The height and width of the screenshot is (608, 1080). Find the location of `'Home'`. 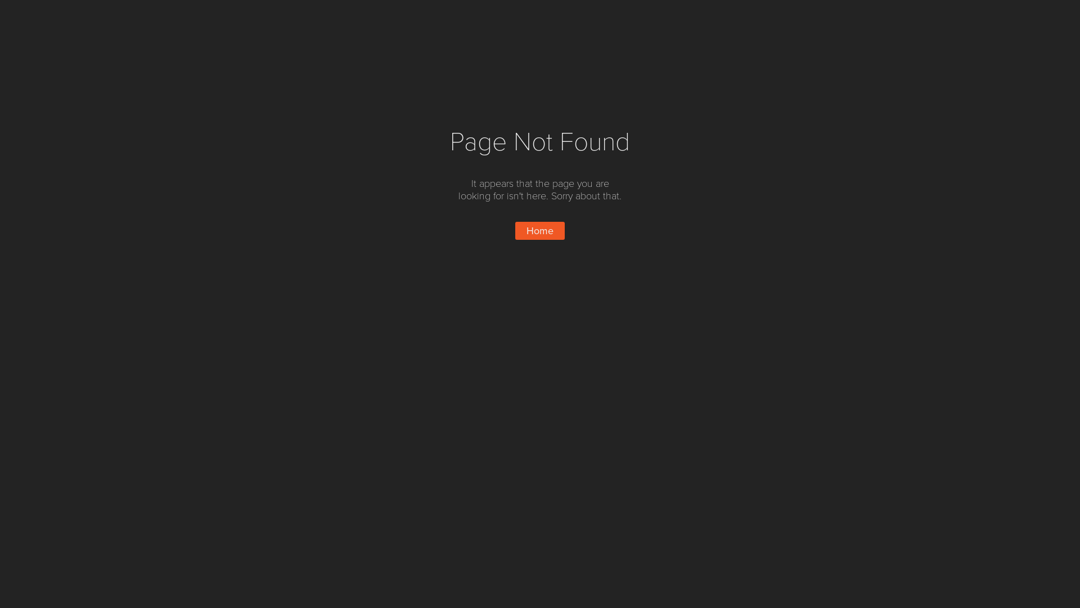

'Home' is located at coordinates (540, 230).